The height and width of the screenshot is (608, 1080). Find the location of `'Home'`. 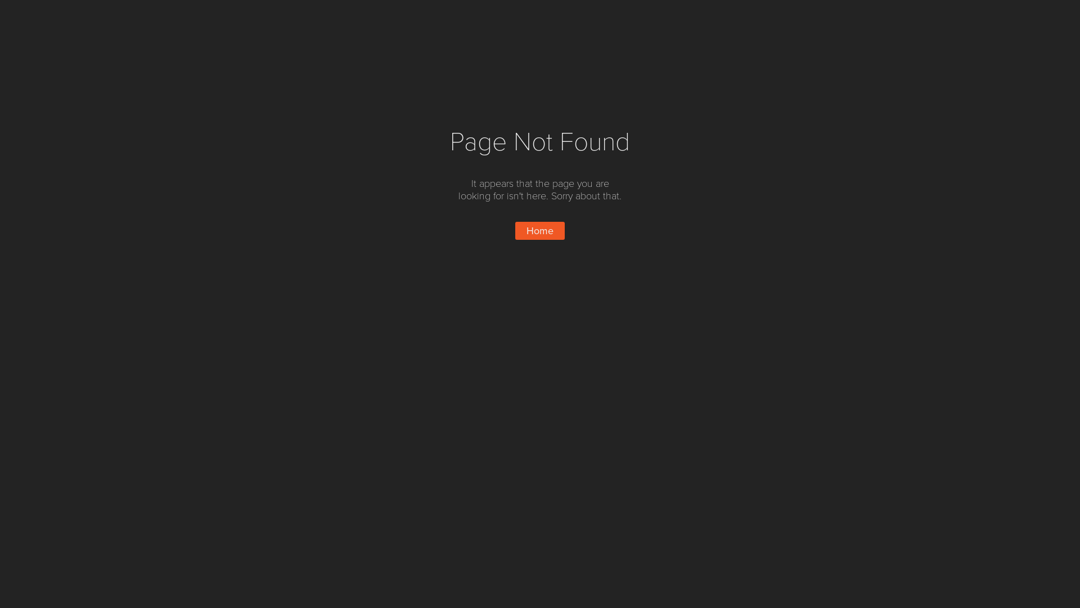

'Home' is located at coordinates (540, 230).